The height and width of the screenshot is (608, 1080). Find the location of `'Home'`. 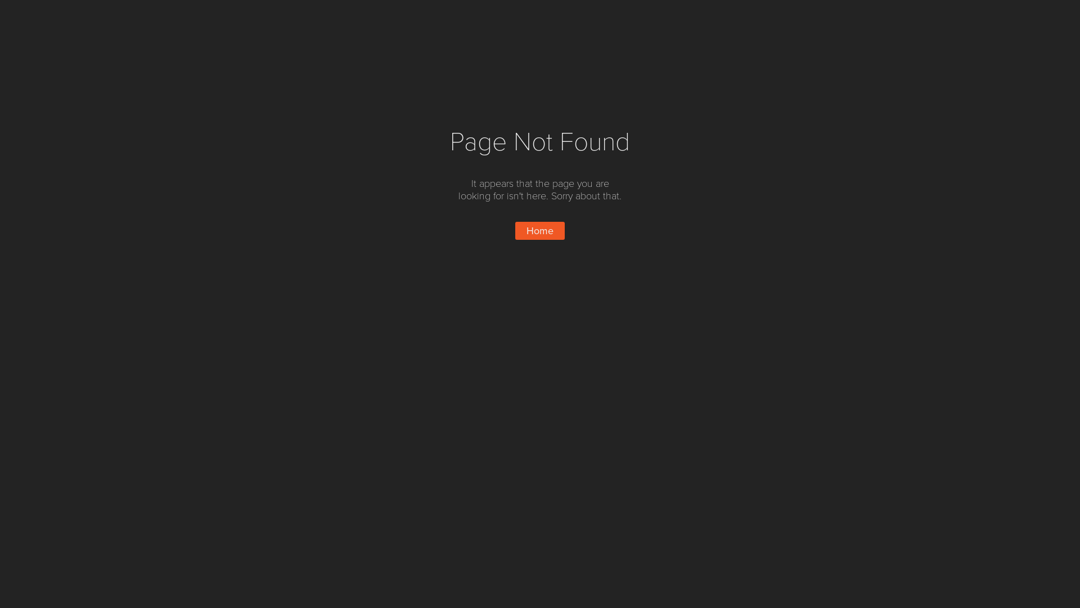

'Home' is located at coordinates (540, 230).